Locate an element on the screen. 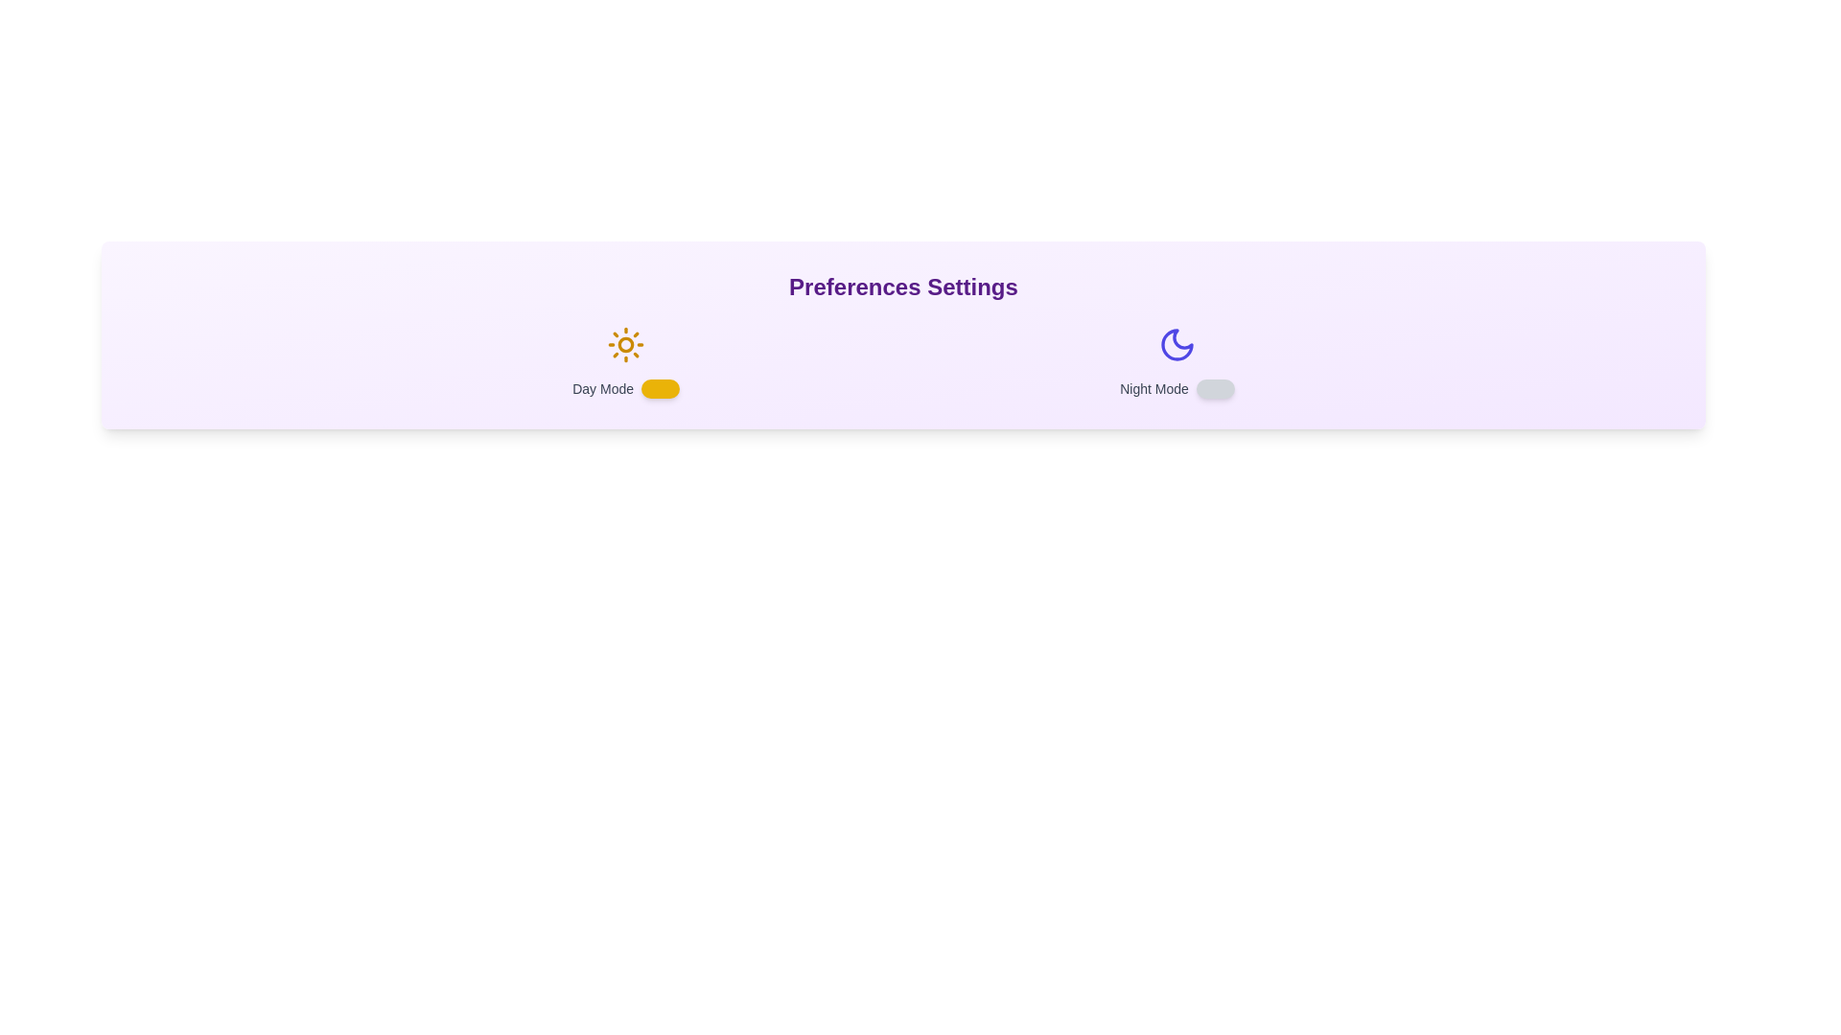 The width and height of the screenshot is (1841, 1035). the 'Sun' icon to toggle the Day Mode is located at coordinates (625, 343).